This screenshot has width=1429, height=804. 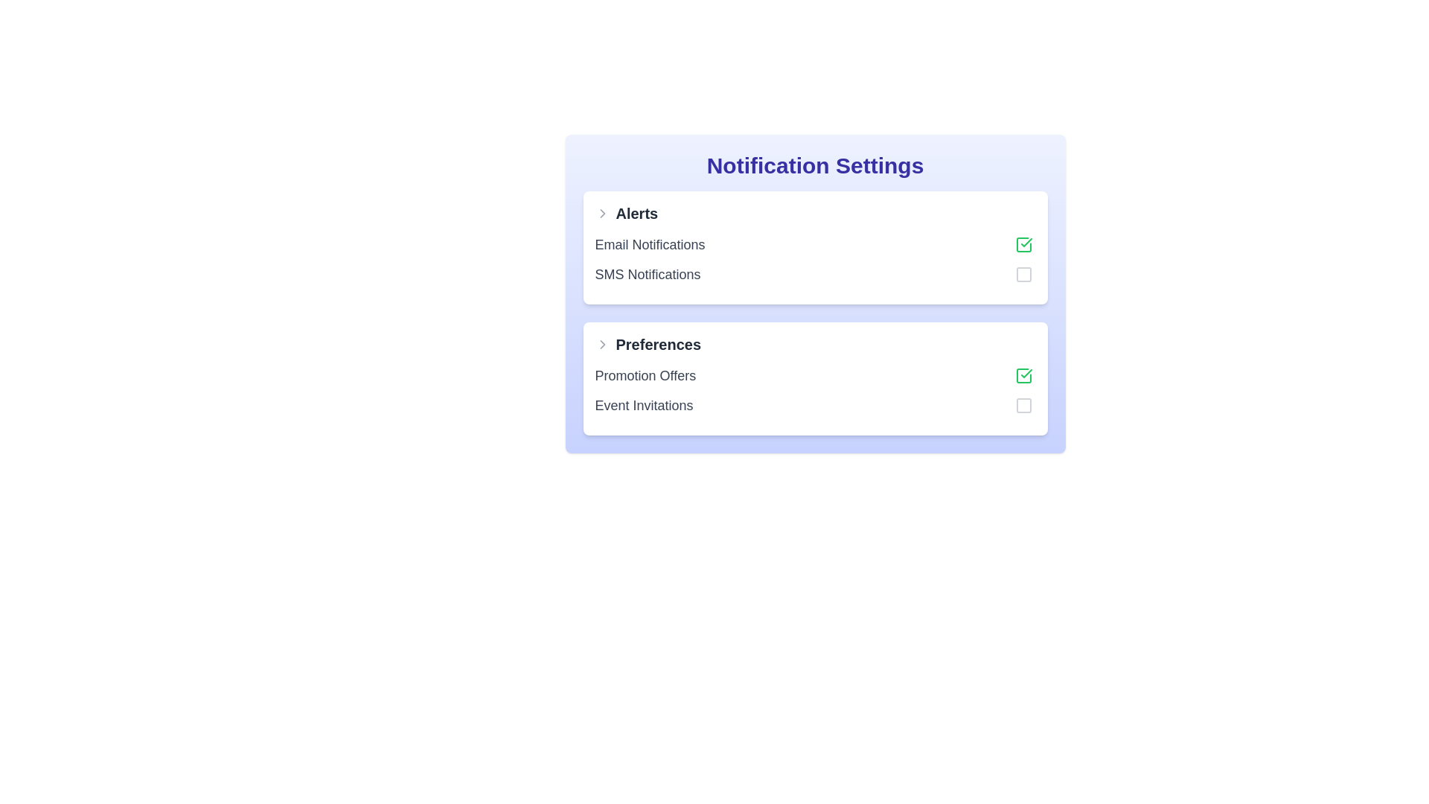 What do you see at coordinates (644, 405) in the screenshot?
I see `the static text label indicating the preference setting for event invitations in the 'Notification Settings' interface, located under the 'Preferences' section` at bounding box center [644, 405].